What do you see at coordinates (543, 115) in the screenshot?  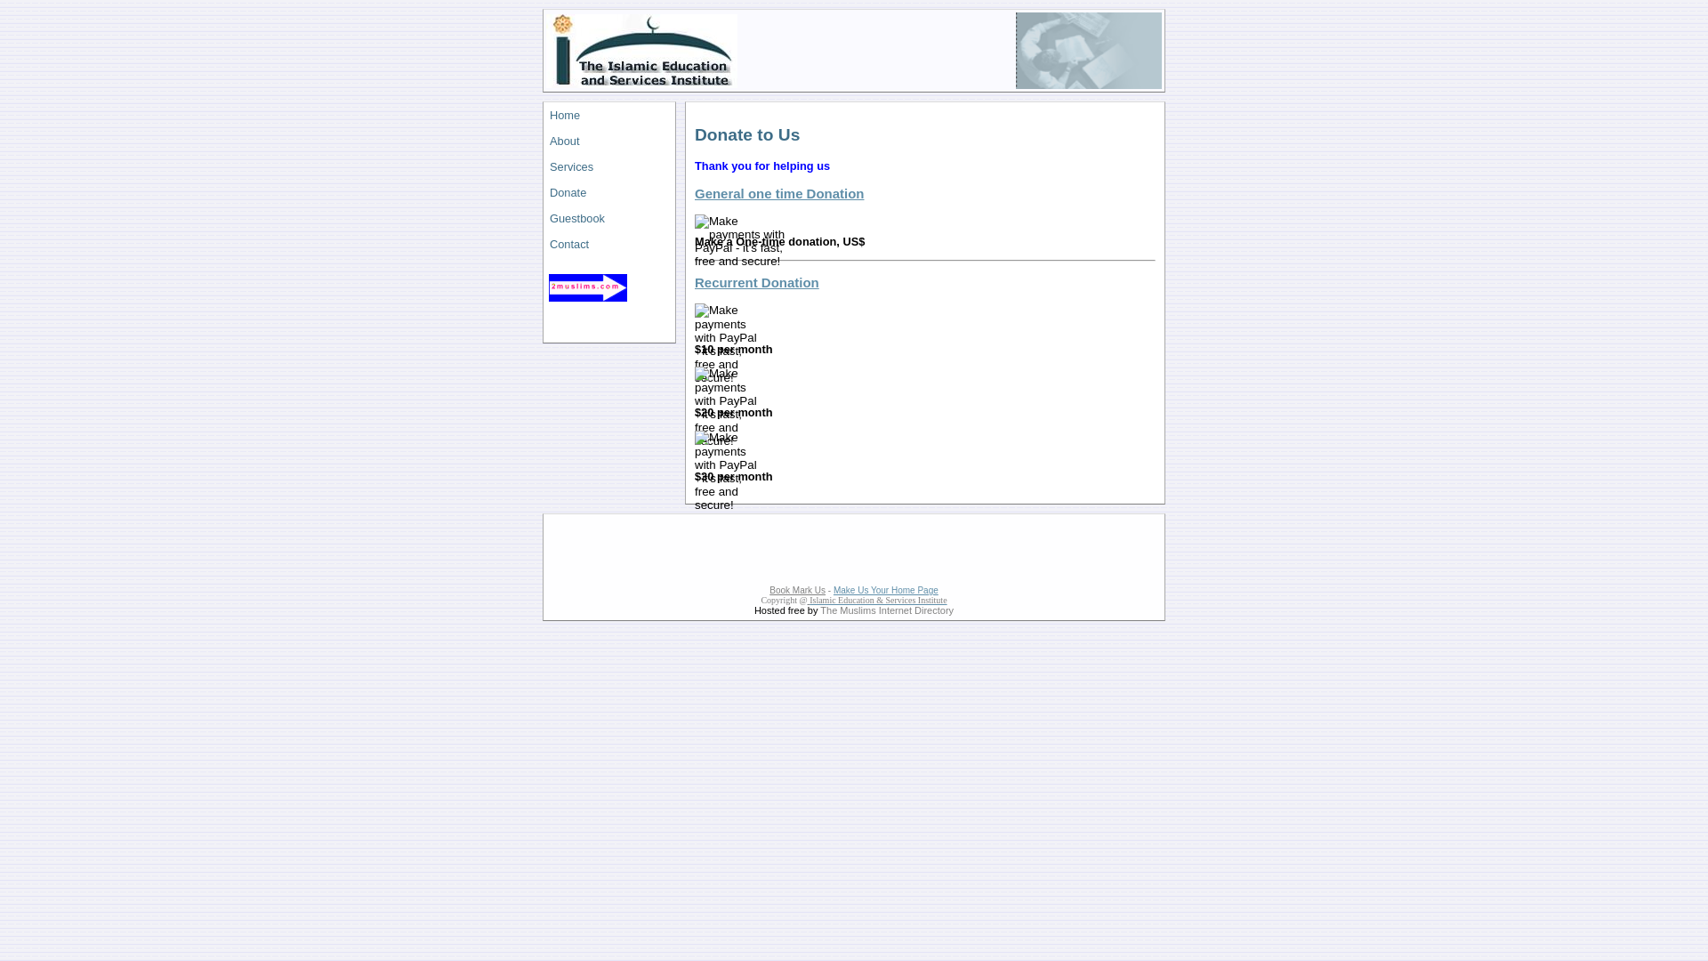 I see `'Home'` at bounding box center [543, 115].